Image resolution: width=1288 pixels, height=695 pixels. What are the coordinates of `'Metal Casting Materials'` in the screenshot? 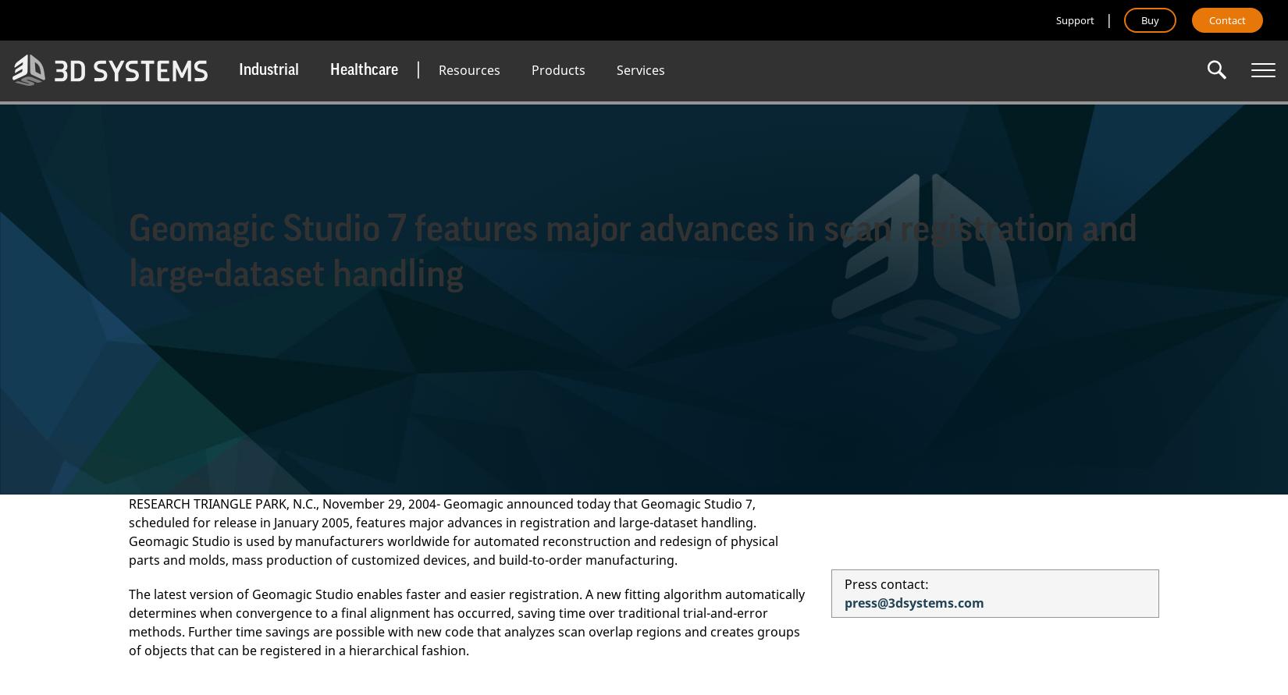 It's located at (500, 186).